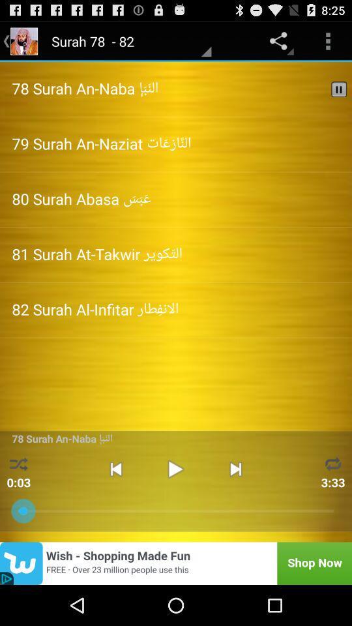  What do you see at coordinates (115, 501) in the screenshot?
I see `the skip_previous icon` at bounding box center [115, 501].